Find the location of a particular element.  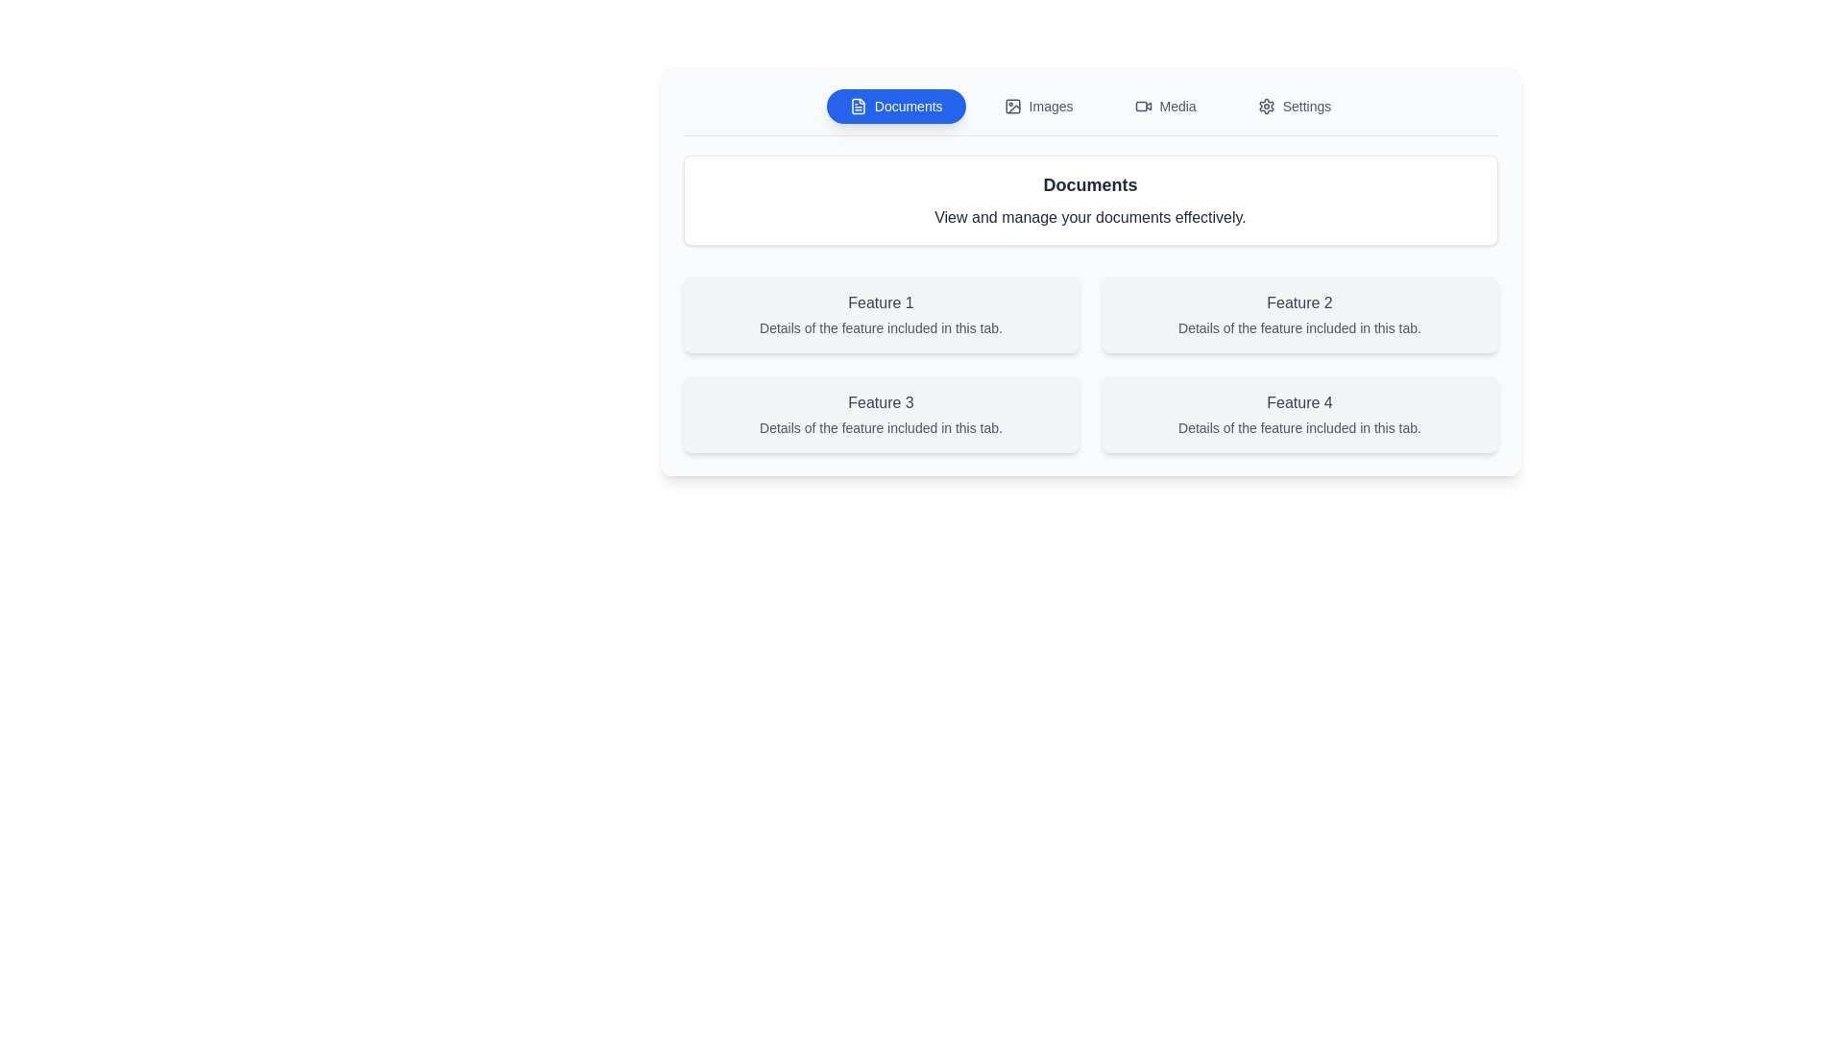

the 'Settings' button, which is the fourth button in the navigation menu, to activate hover effects is located at coordinates (1295, 107).